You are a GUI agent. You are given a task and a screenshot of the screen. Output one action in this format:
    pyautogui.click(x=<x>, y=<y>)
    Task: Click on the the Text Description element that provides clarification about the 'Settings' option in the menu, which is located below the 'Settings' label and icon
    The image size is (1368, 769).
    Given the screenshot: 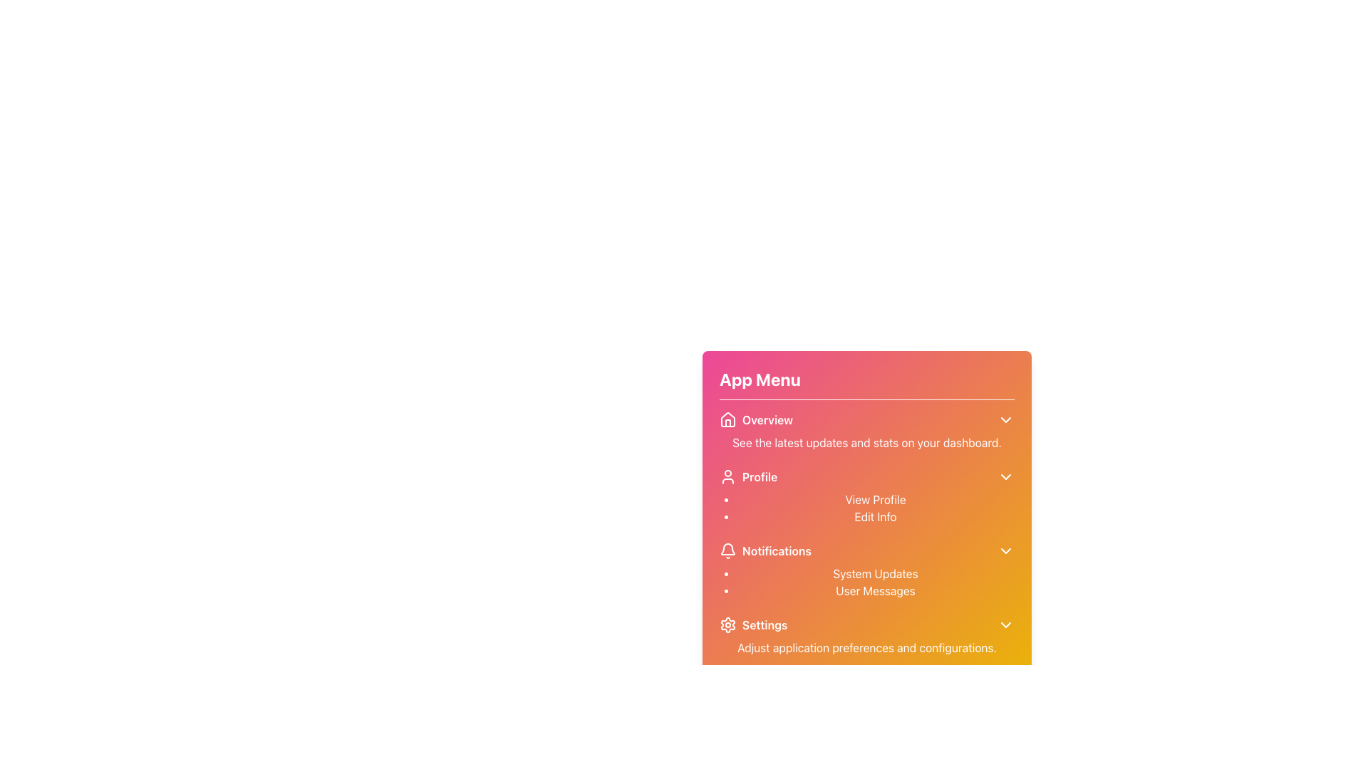 What is the action you would take?
    pyautogui.click(x=866, y=648)
    